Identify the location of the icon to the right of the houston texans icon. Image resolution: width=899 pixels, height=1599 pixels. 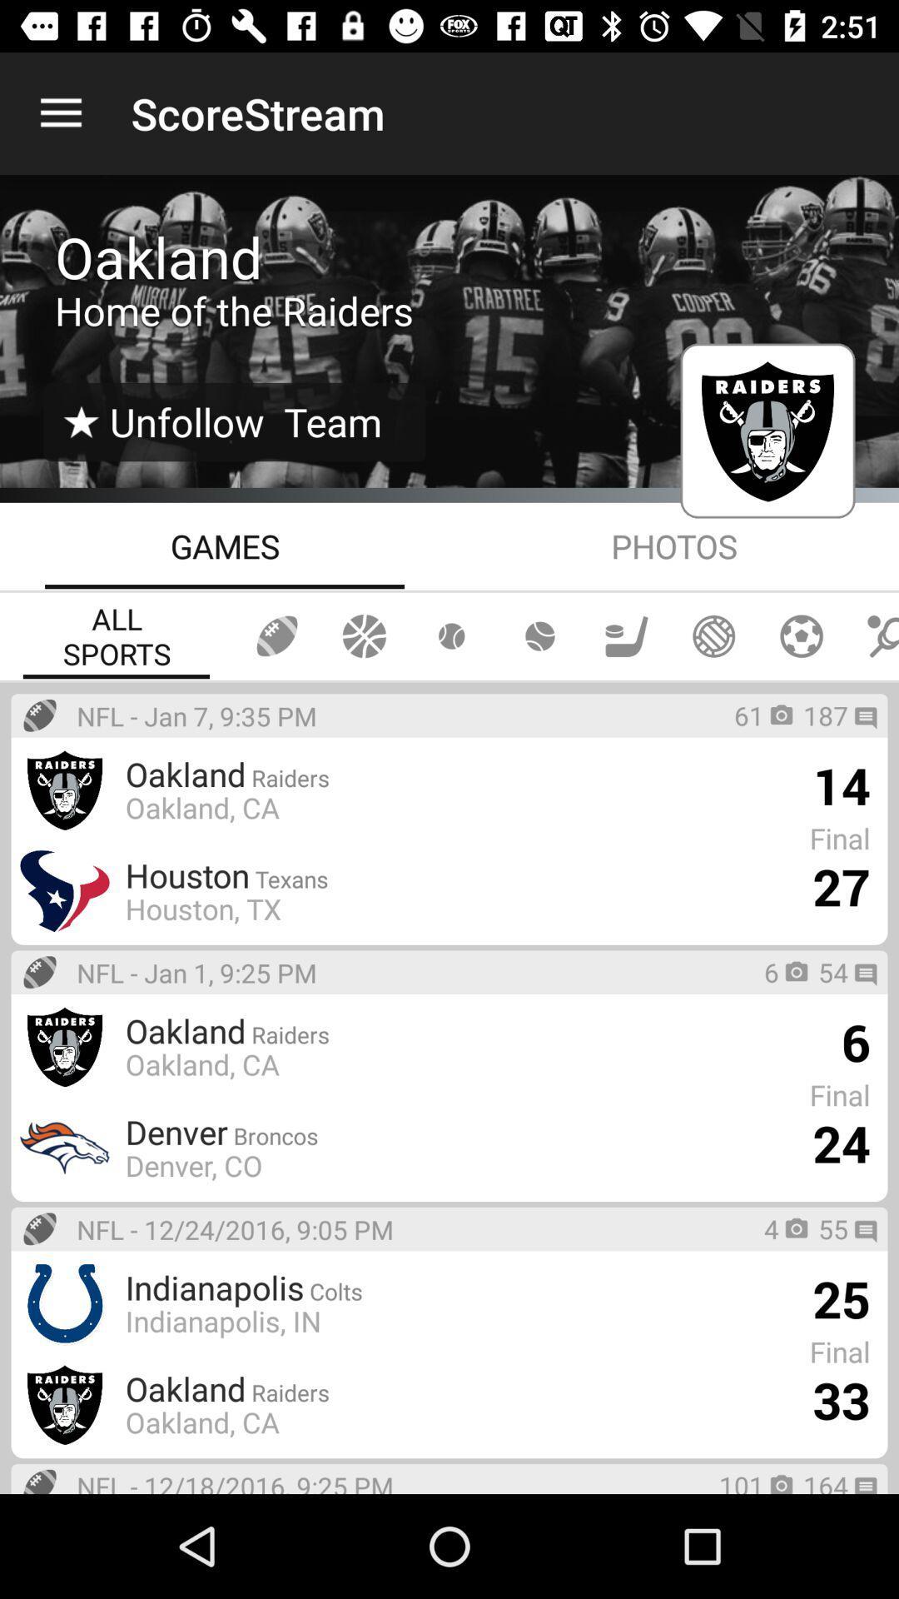
(841, 885).